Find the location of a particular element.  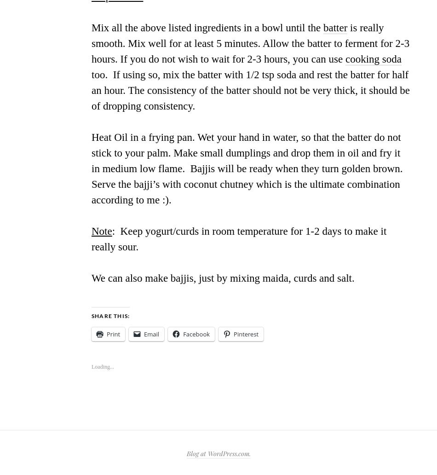

'Heat Oil in a frying pan. Wet your hand in water, so that the batter do not stick to your palm. Make small dumplings and drop them in oil and fry it in medium low flame.  Bajjis will be ready when they turn golden brown. Serve the bajji’s with coconut chutney which is the ultimate combination according to me :).' is located at coordinates (247, 168).